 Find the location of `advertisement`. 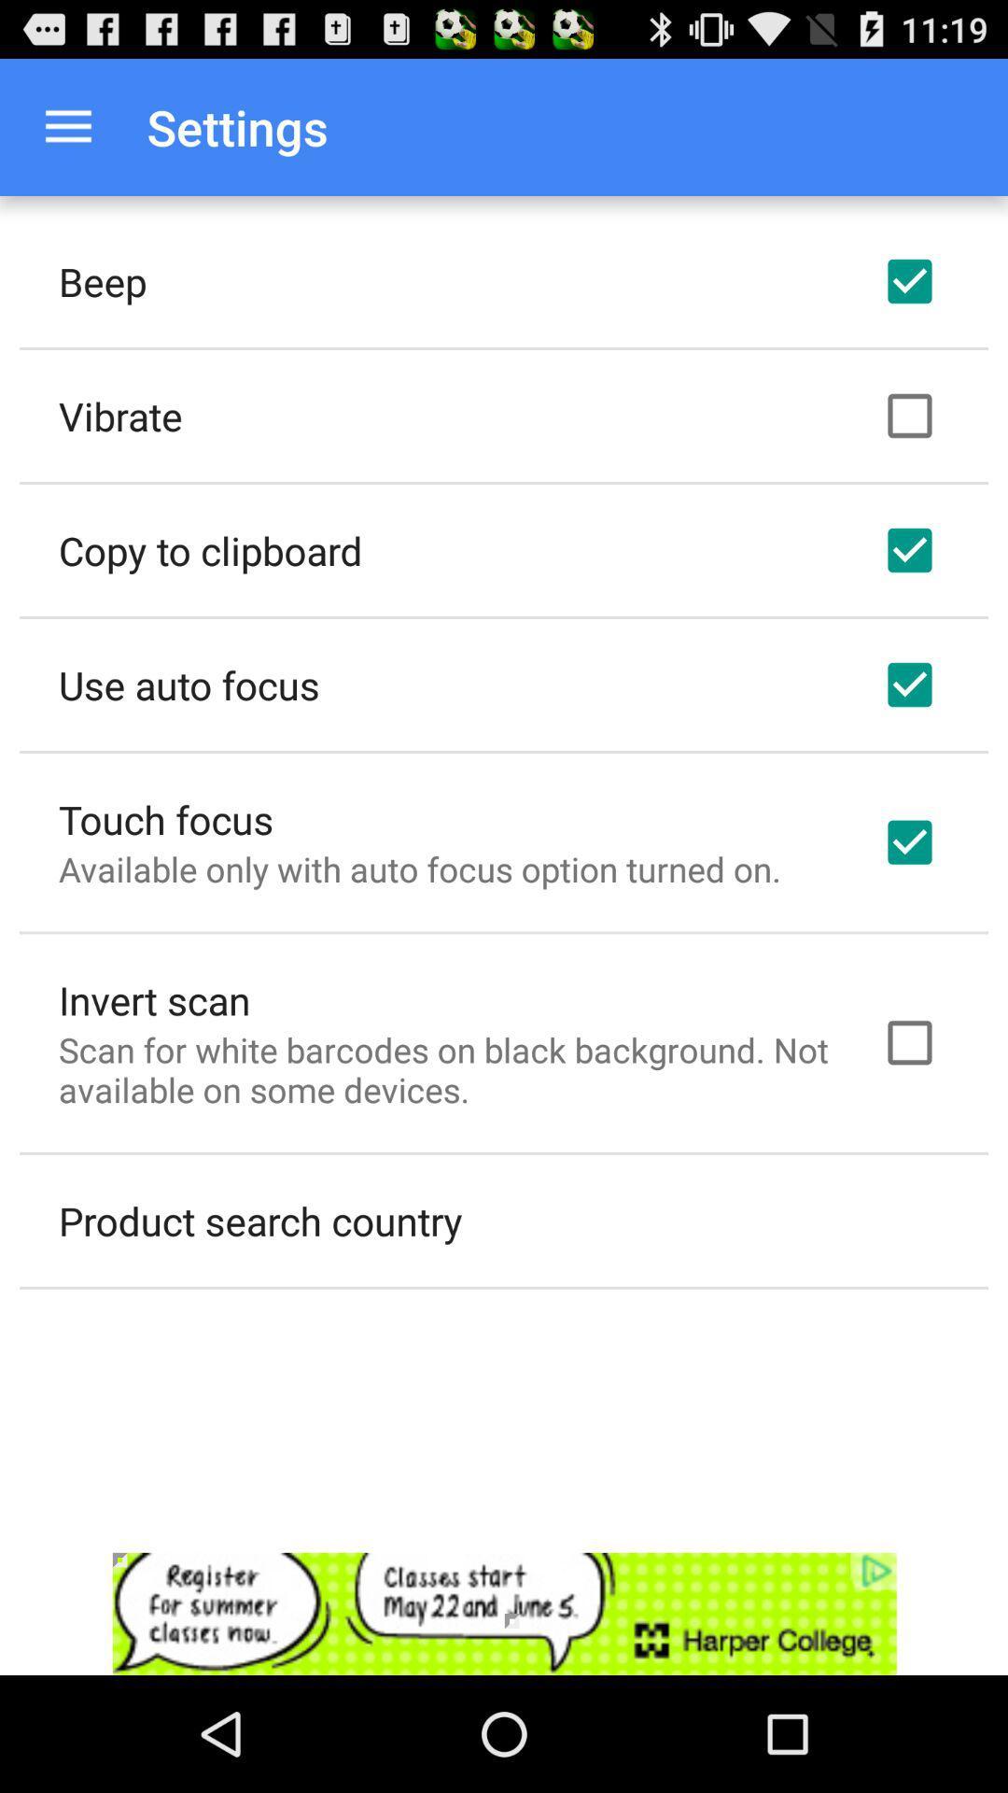

advertisement is located at coordinates (504, 1613).